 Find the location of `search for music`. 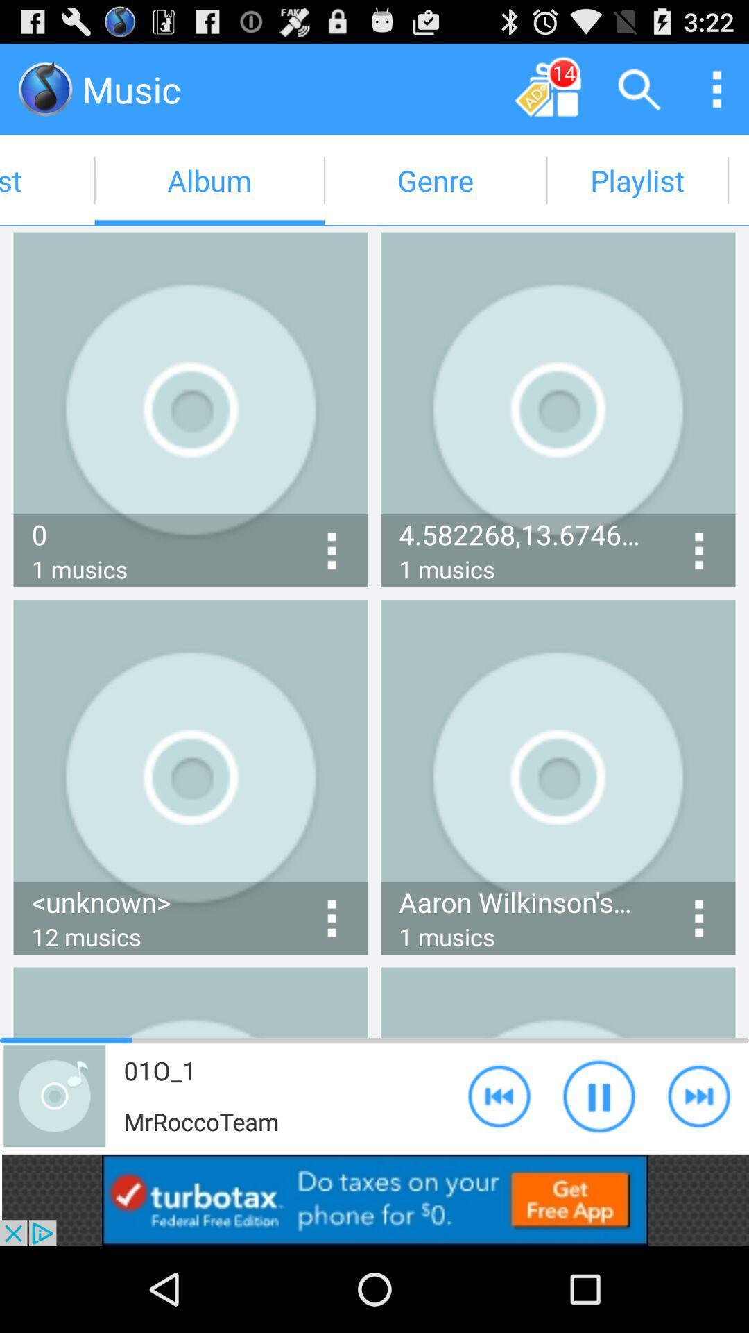

search for music is located at coordinates (639, 88).